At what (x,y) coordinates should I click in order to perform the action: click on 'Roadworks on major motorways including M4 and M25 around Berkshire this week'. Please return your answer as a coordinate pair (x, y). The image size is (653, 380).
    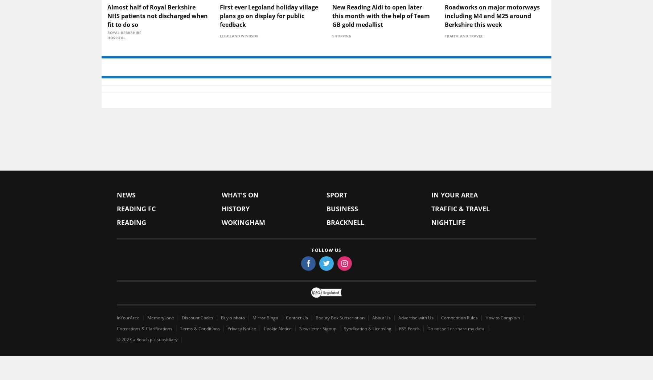
    Looking at the image, I should click on (444, 73).